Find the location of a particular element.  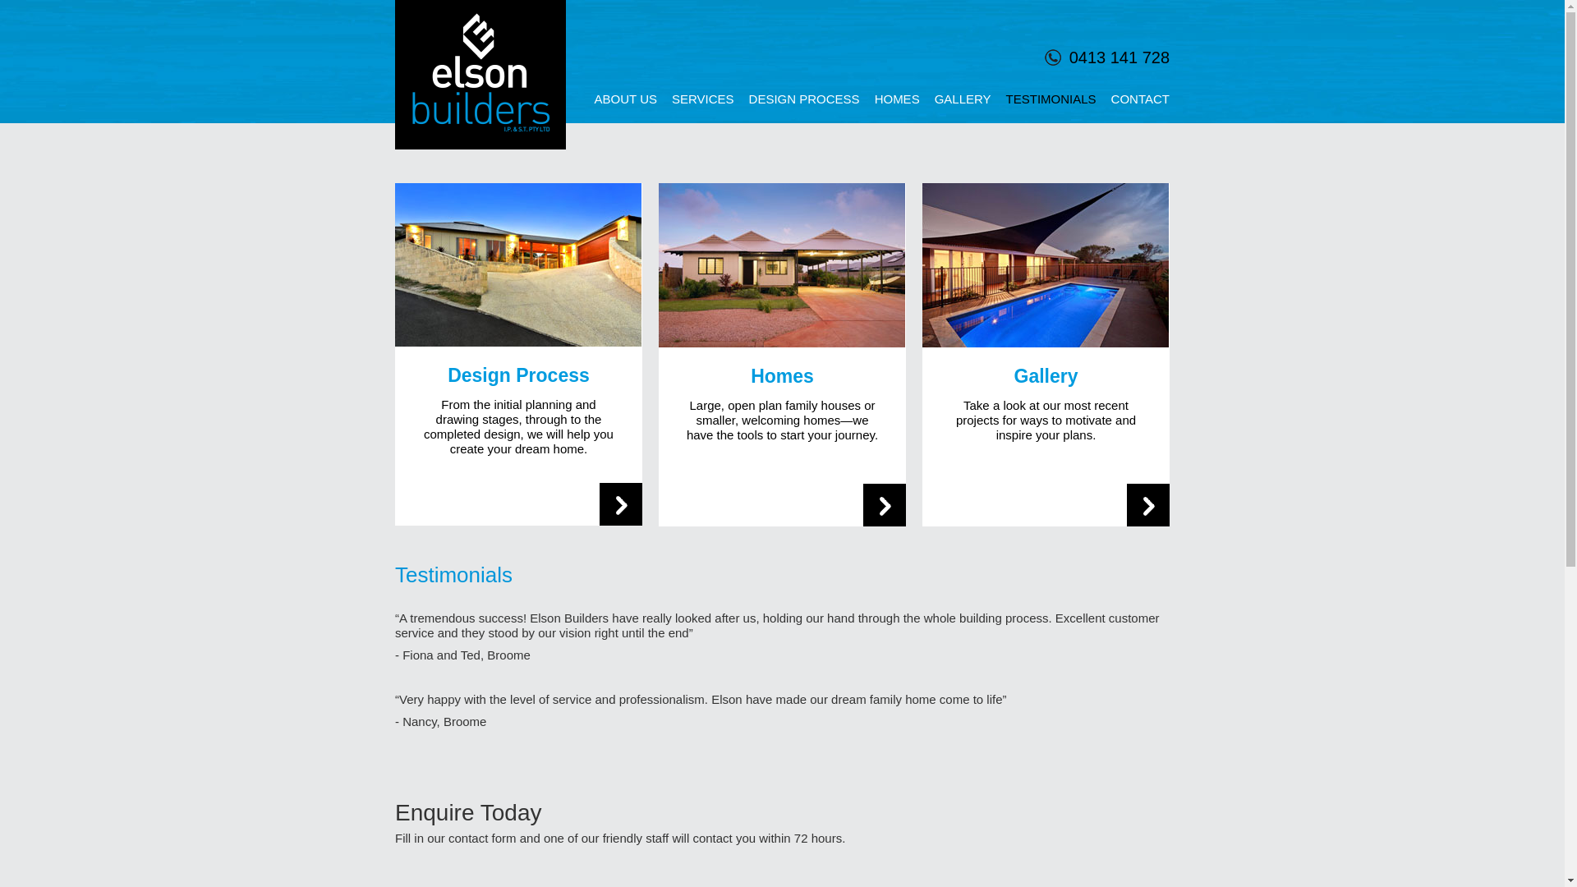

'CONTACT' is located at coordinates (1139, 99).